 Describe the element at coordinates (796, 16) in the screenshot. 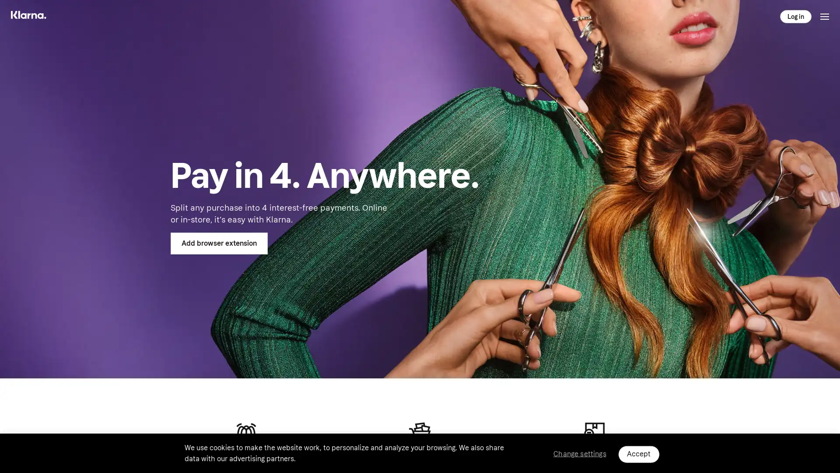

I see `Log in` at that location.